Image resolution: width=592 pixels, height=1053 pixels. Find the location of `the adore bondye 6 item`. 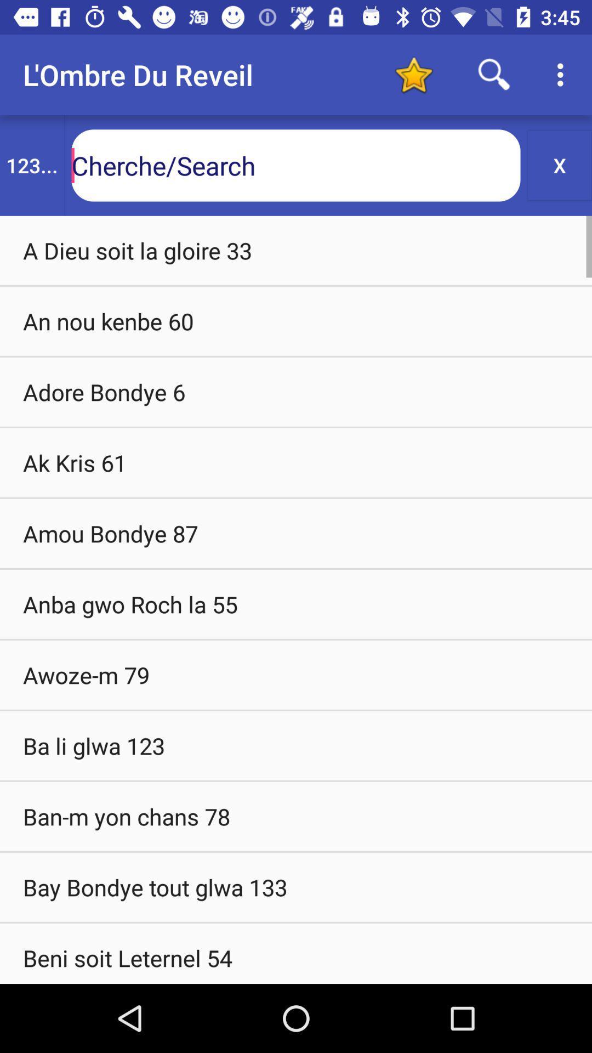

the adore bondye 6 item is located at coordinates (296, 392).